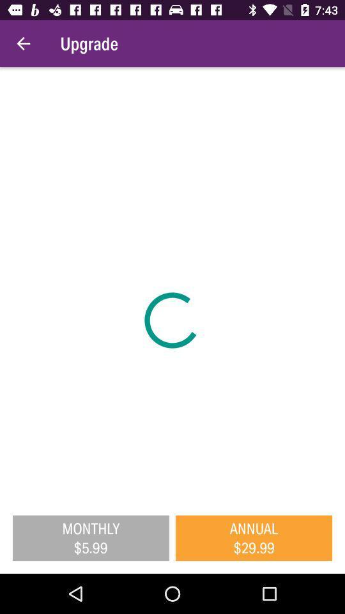  What do you see at coordinates (90, 537) in the screenshot?
I see `the item to the left of the annual` at bounding box center [90, 537].